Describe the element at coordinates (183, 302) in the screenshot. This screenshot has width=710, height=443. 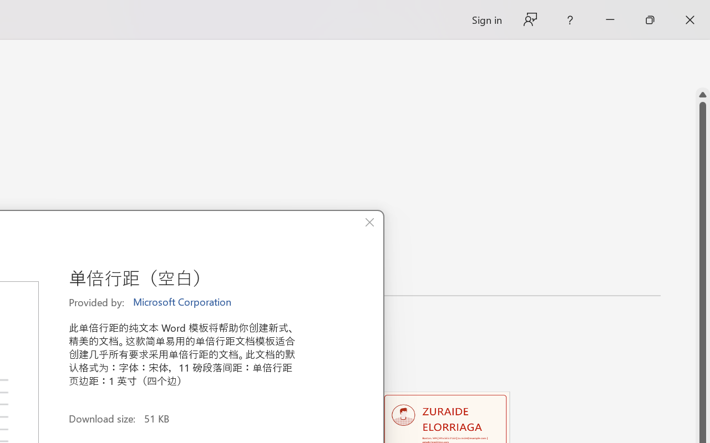
I see `'Microsoft Corporation'` at that location.